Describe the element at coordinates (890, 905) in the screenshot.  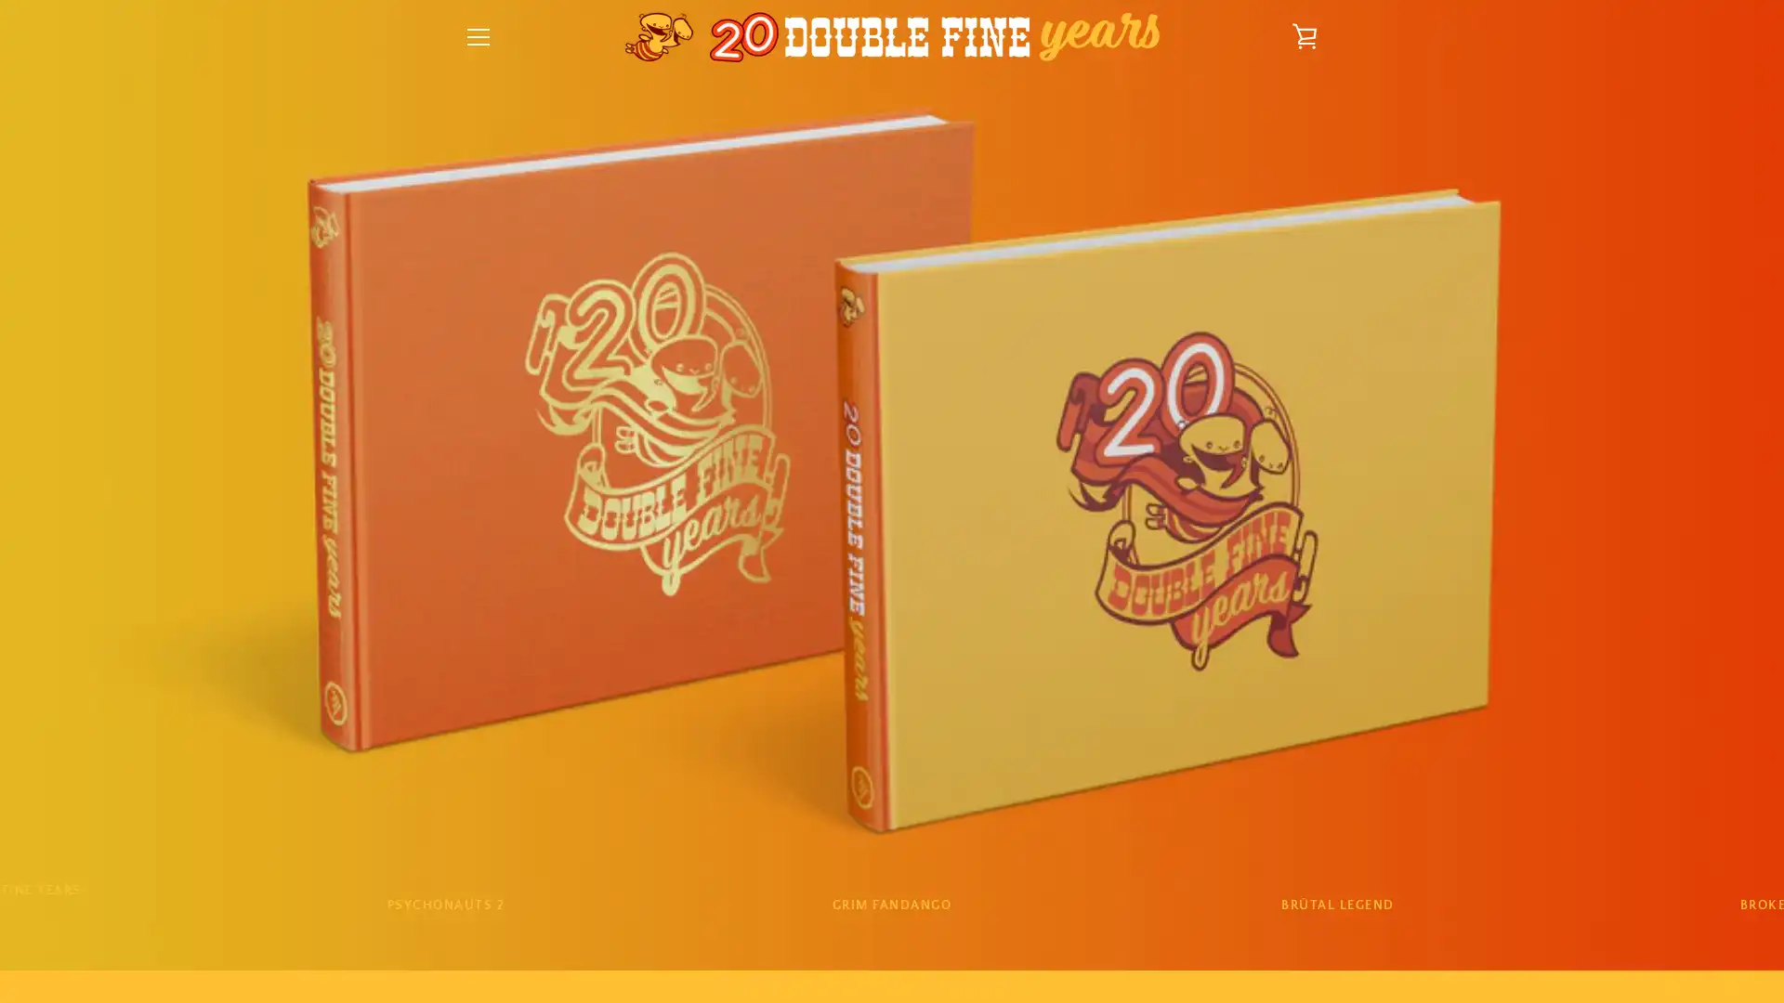
I see `SLIDE 3 GRIM FANDANGO` at that location.